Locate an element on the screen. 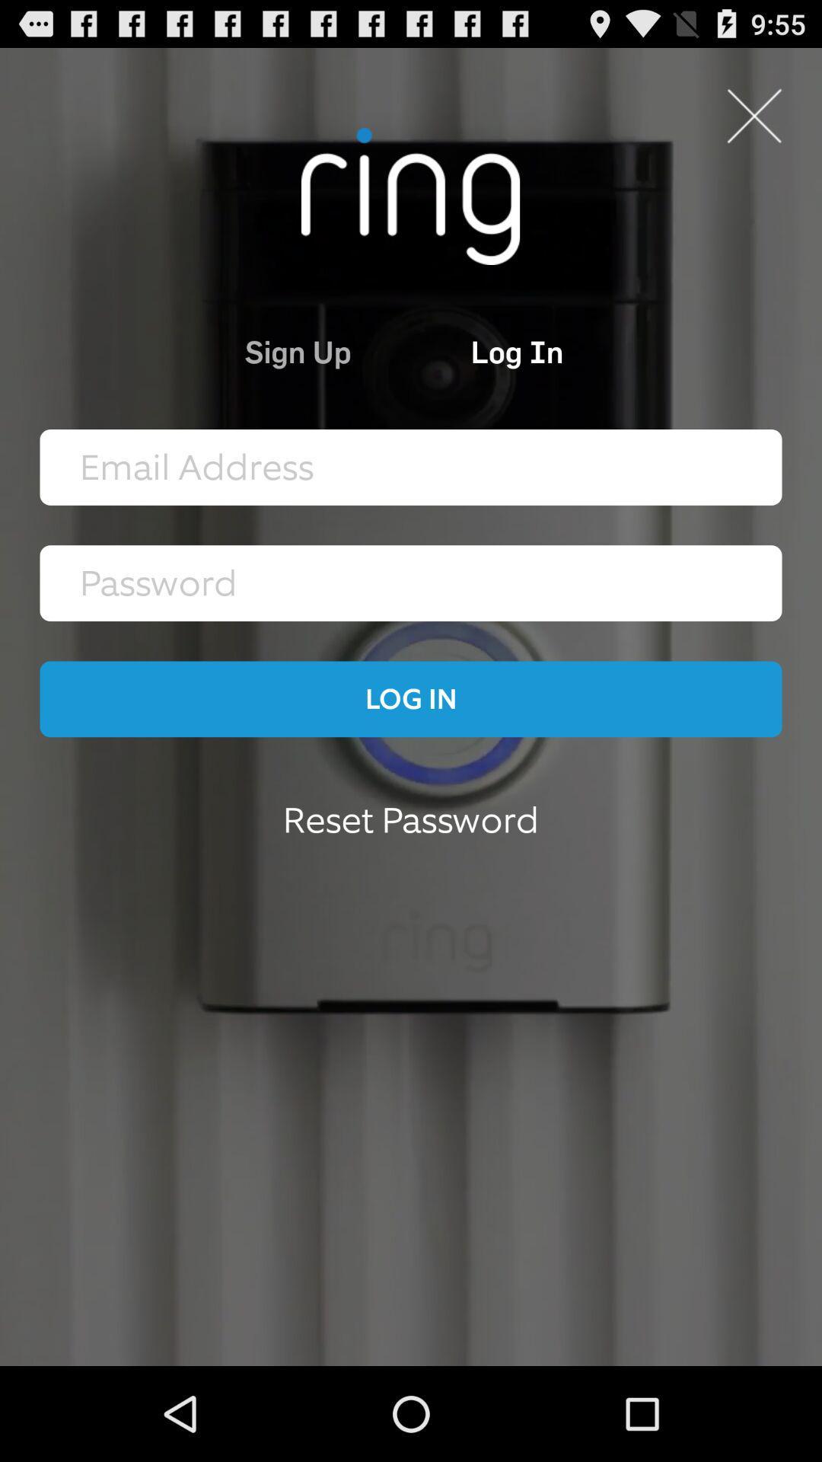  the close icon is located at coordinates (753, 124).